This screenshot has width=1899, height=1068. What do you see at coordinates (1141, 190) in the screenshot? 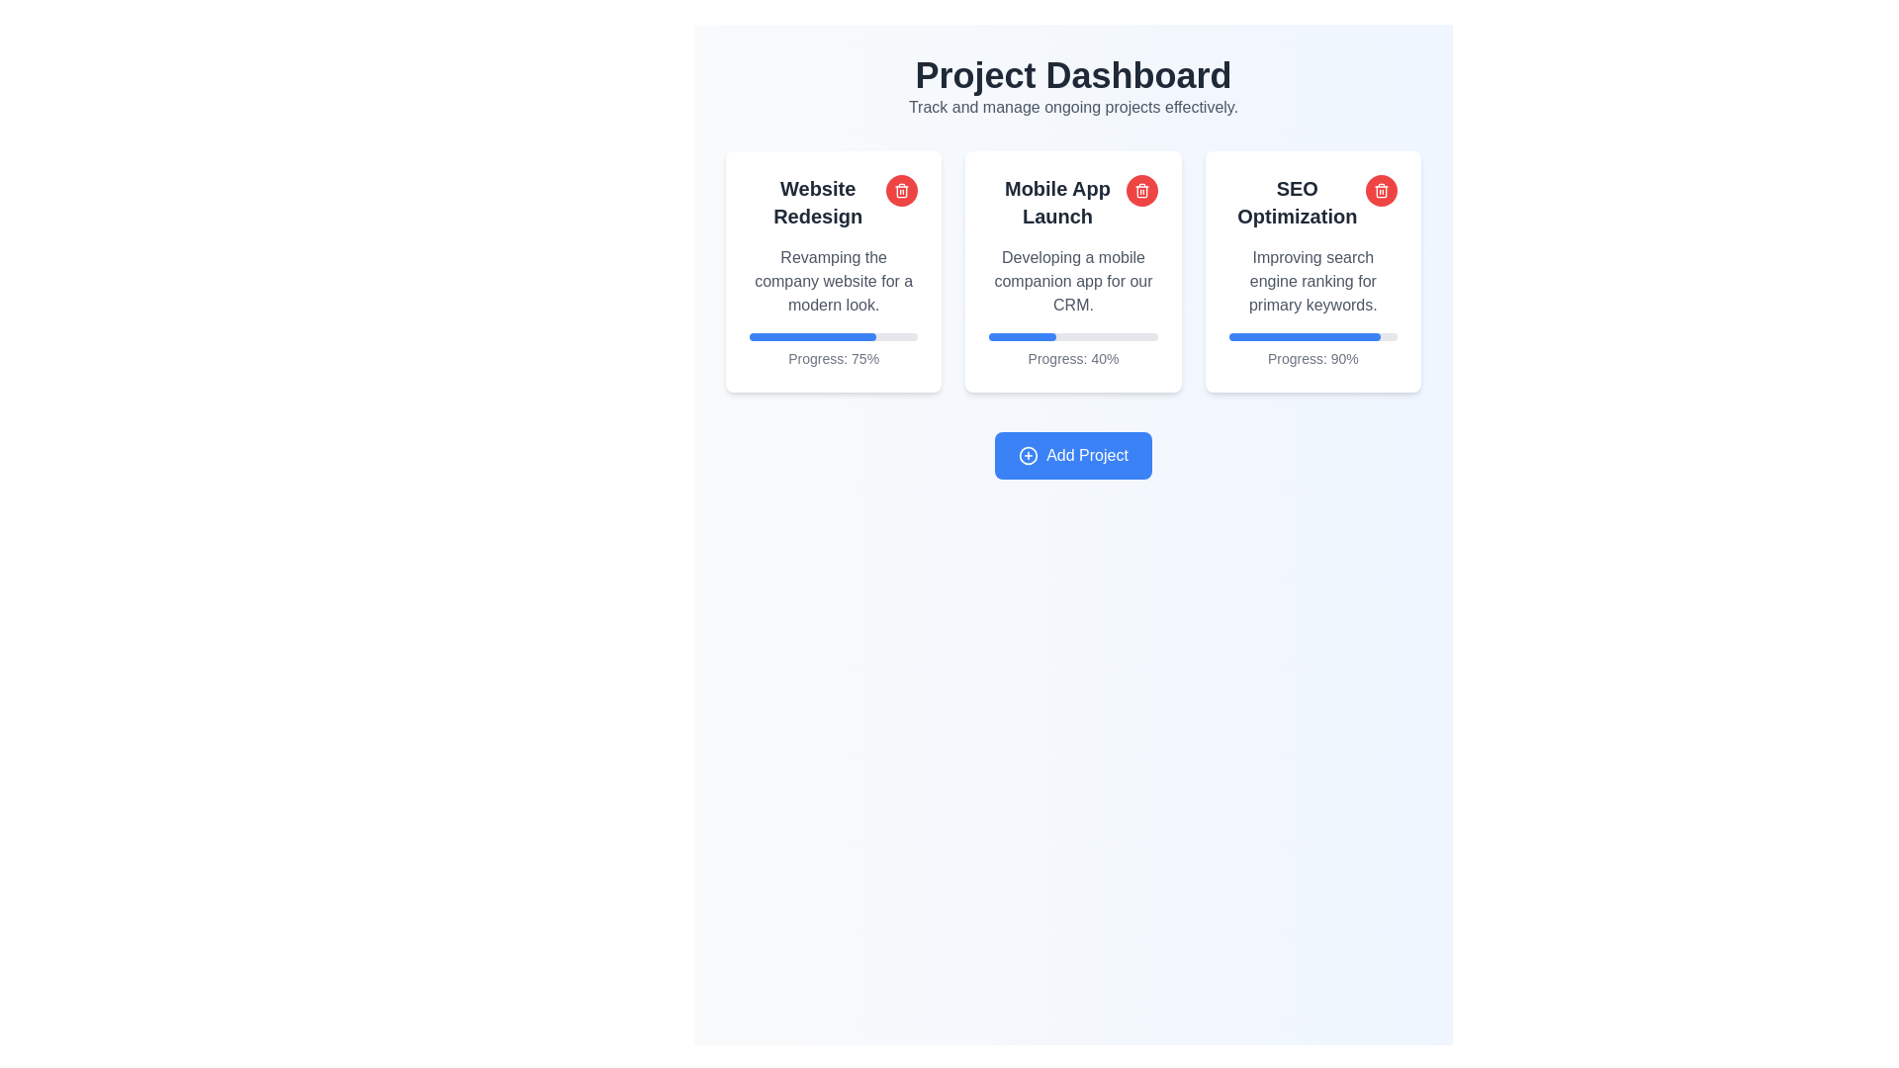
I see `the Trash/Delete Icon Button located in the top-right corner of the 'Mobile App Launch' card` at bounding box center [1141, 190].